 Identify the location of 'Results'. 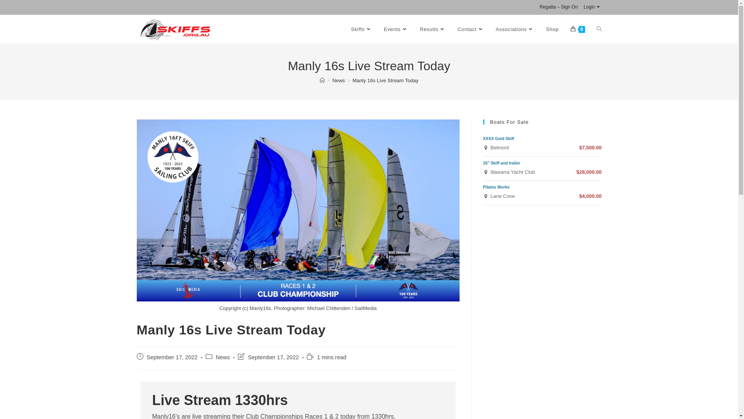
(413, 29).